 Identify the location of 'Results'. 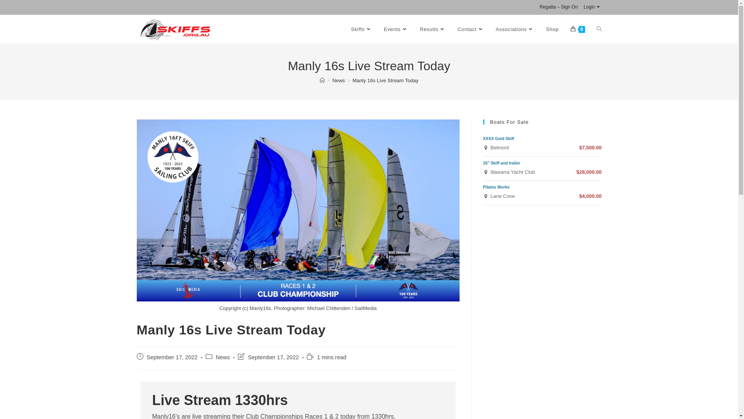
(413, 29).